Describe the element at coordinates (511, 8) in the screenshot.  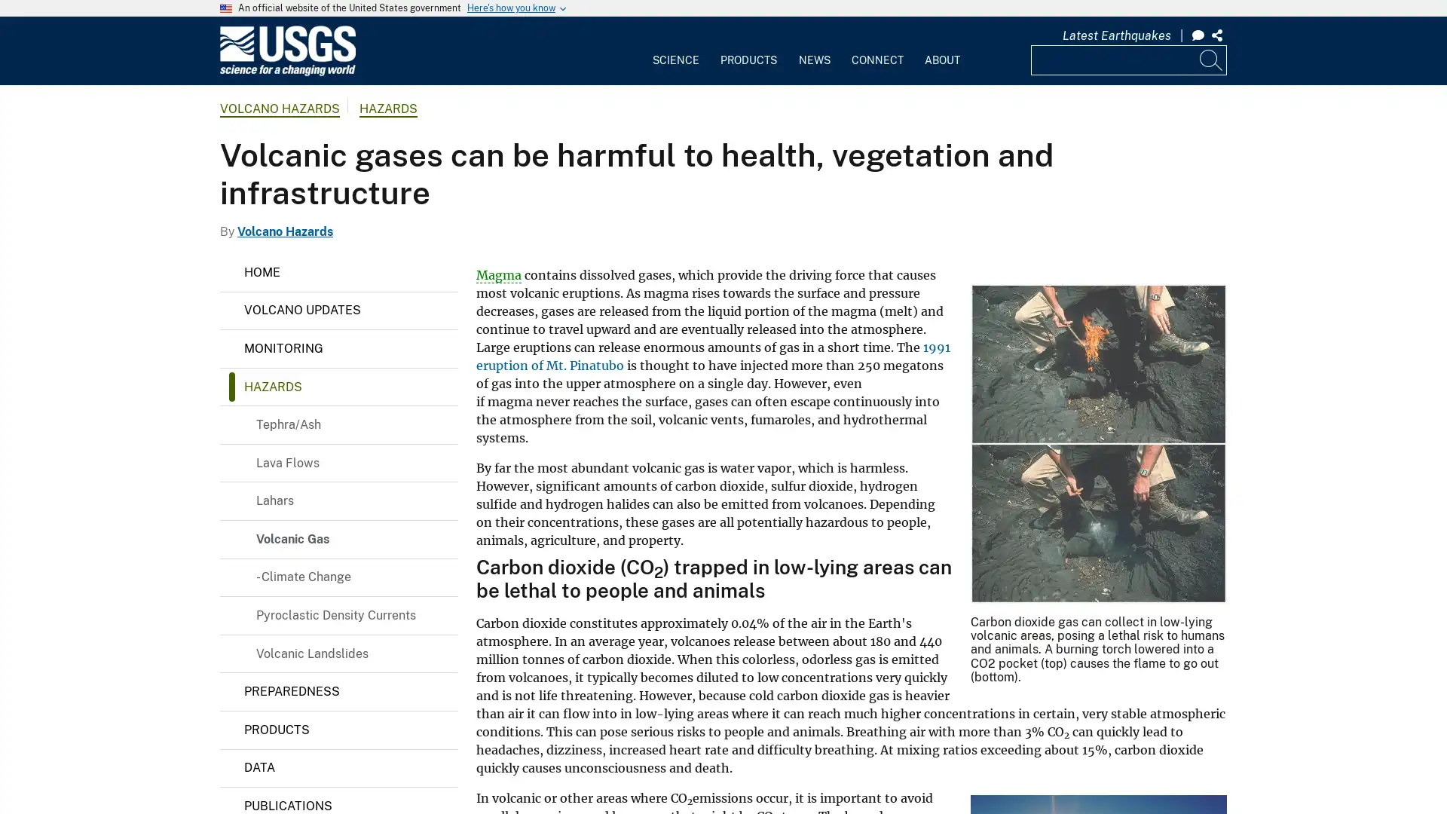
I see `Here's how you know` at that location.